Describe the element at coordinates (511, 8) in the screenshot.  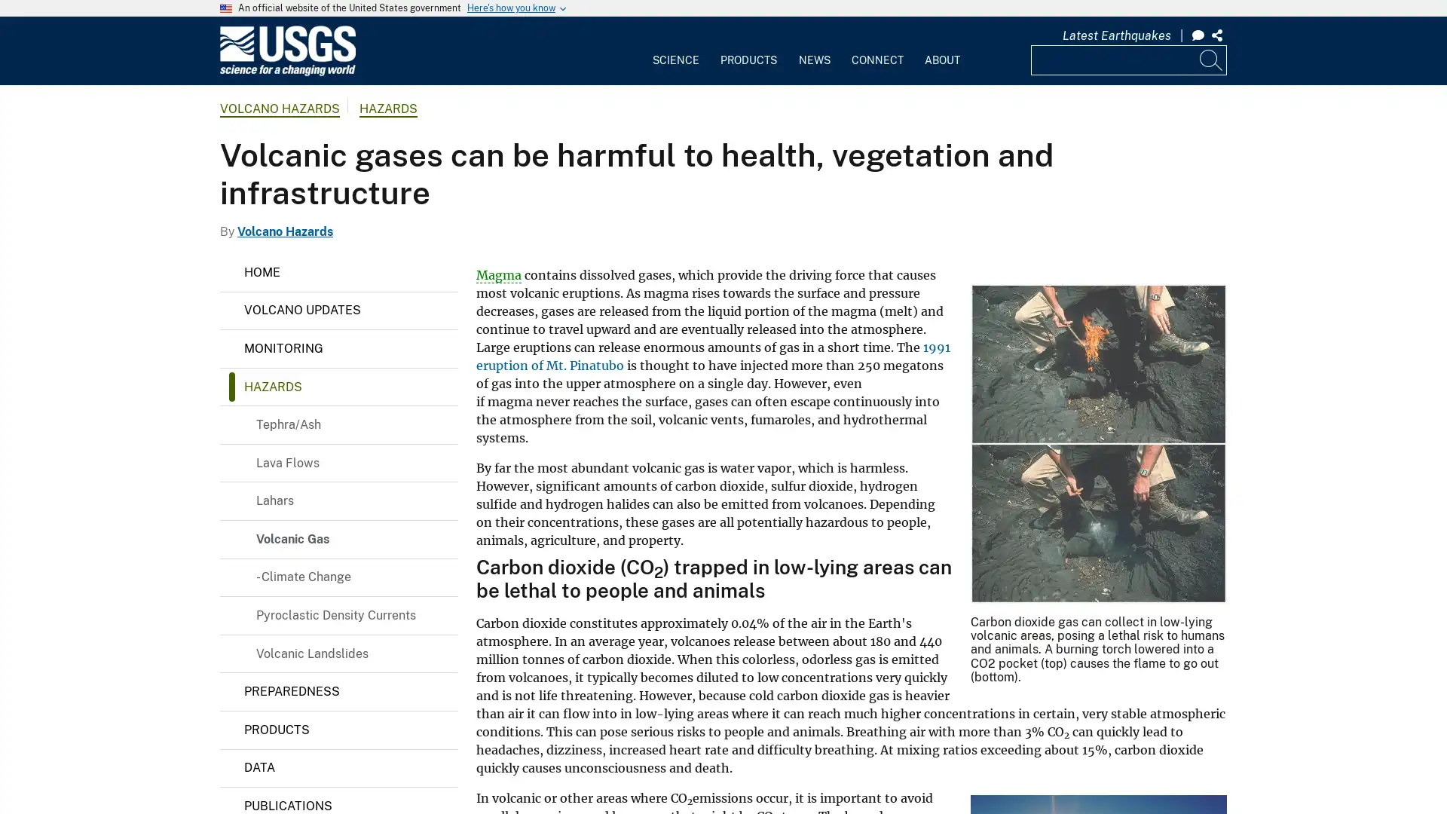
I see `Here's how you know` at that location.